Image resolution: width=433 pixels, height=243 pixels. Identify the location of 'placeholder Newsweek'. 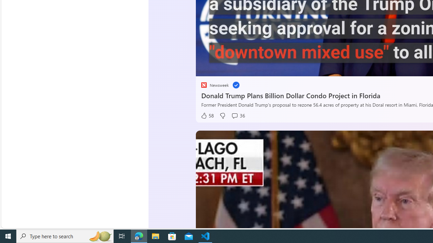
(214, 85).